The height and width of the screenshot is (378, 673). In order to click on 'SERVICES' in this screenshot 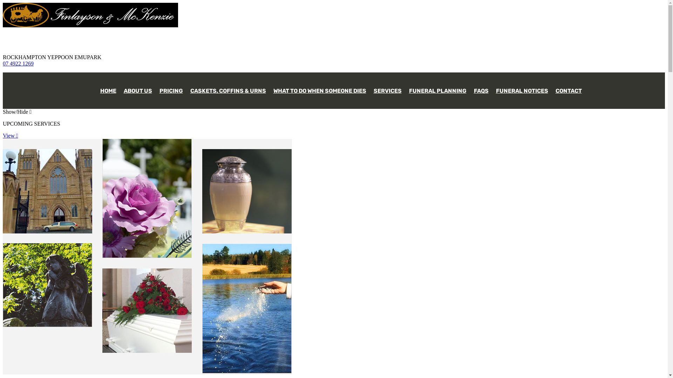, I will do `click(387, 87)`.